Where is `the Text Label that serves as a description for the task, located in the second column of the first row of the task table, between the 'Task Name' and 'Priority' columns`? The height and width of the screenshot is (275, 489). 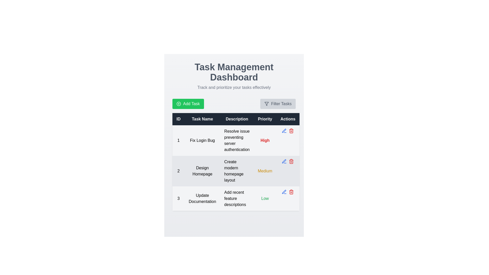
the Text Label that serves as a description for the task, located in the second column of the first row of the task table, between the 'Task Name' and 'Priority' columns is located at coordinates (237, 140).